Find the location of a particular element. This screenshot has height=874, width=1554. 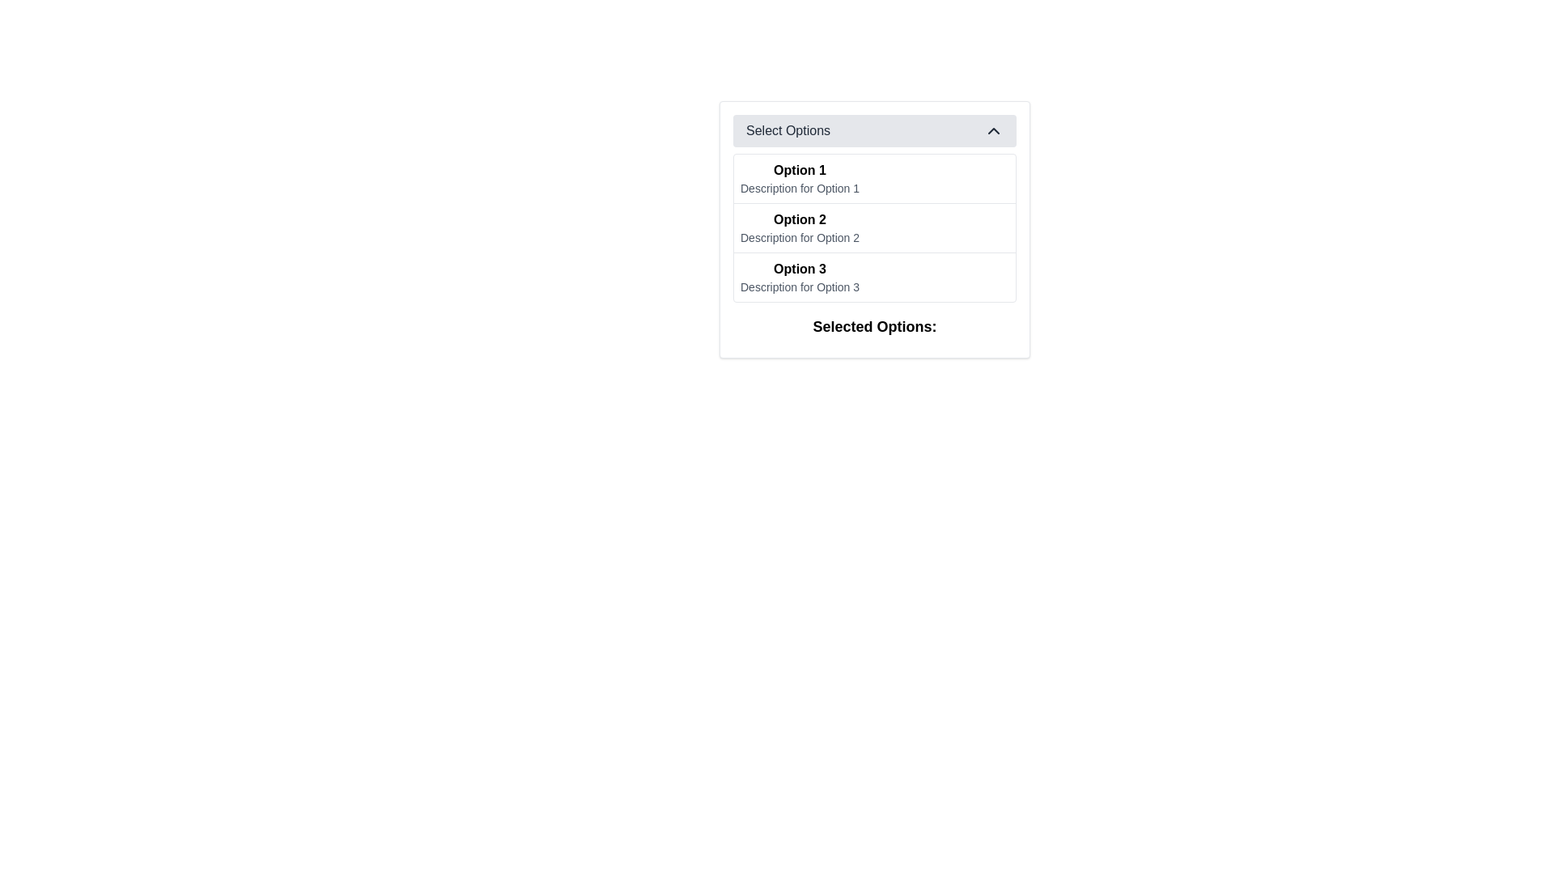

the option in the Dropdown menu is located at coordinates (873, 265).